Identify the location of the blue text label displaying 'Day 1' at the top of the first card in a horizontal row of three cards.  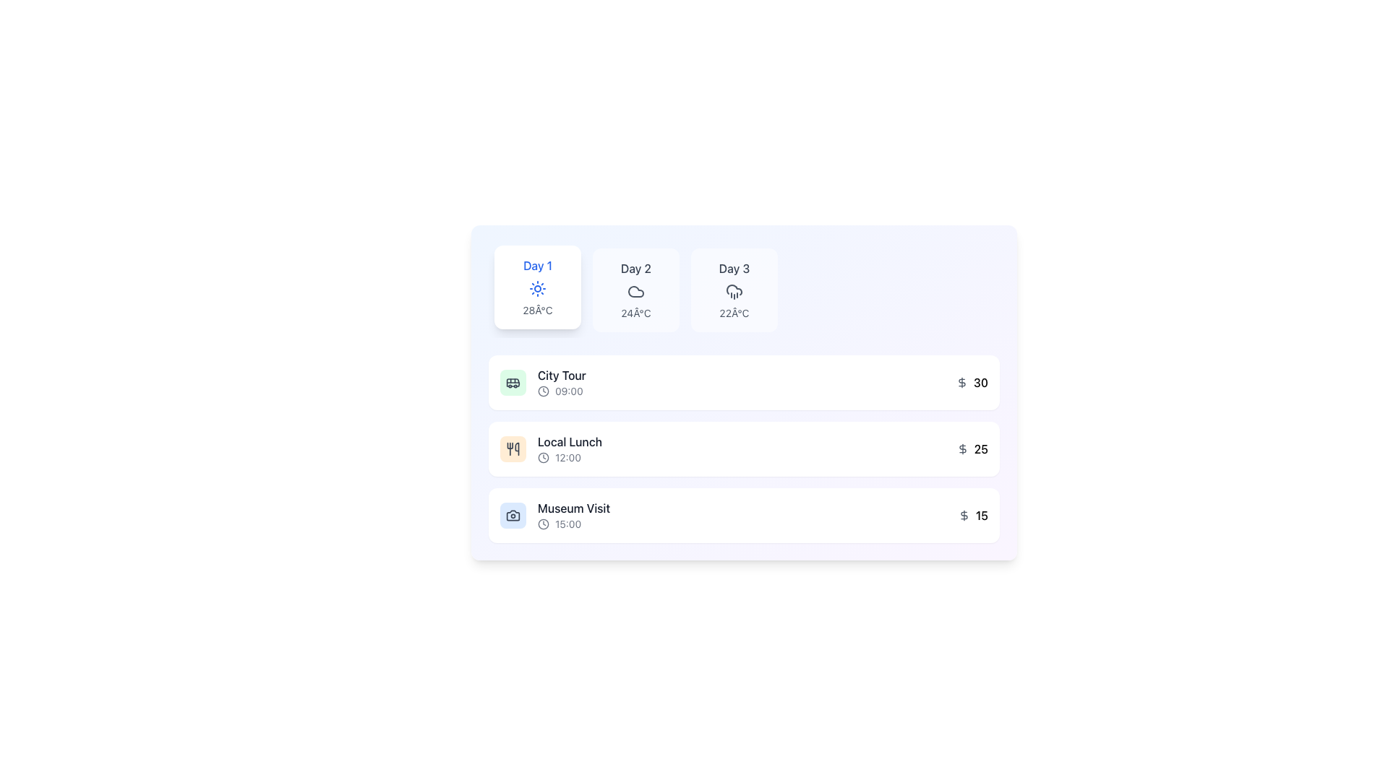
(537, 265).